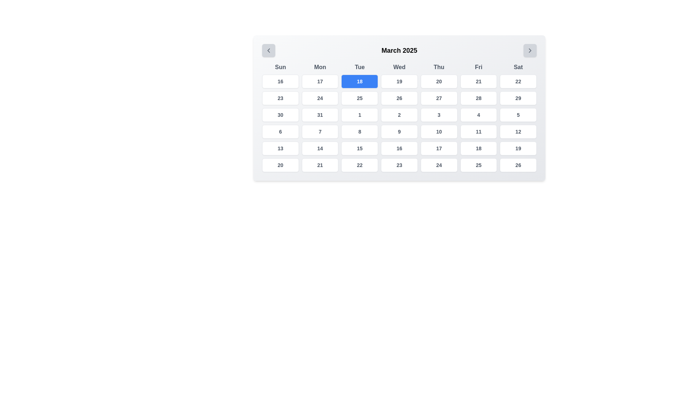 This screenshot has height=393, width=700. Describe the element at coordinates (478, 81) in the screenshot. I see `the button labeled '21' in the calendar grid` at that location.